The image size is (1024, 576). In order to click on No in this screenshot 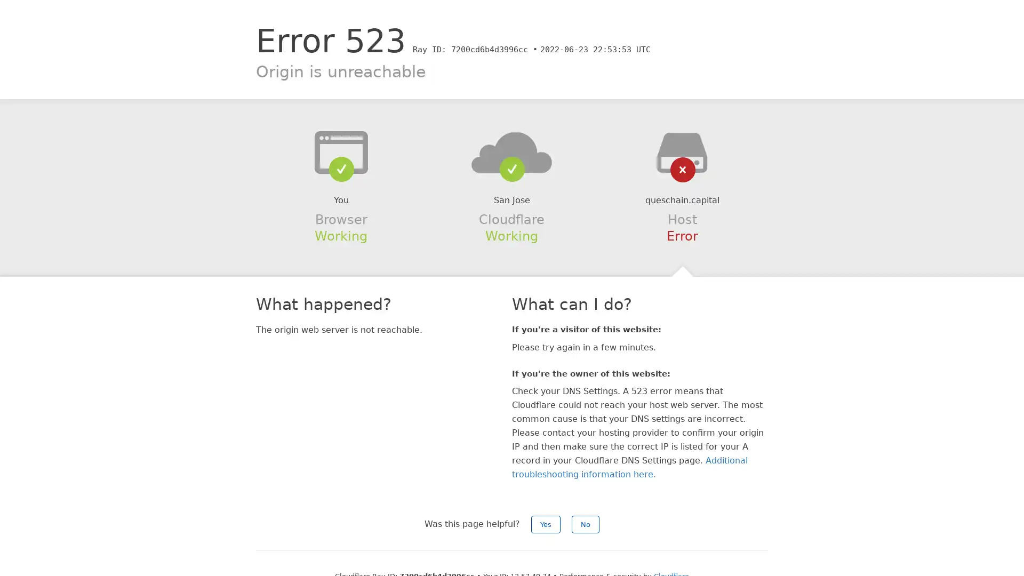, I will do `click(585, 524)`.